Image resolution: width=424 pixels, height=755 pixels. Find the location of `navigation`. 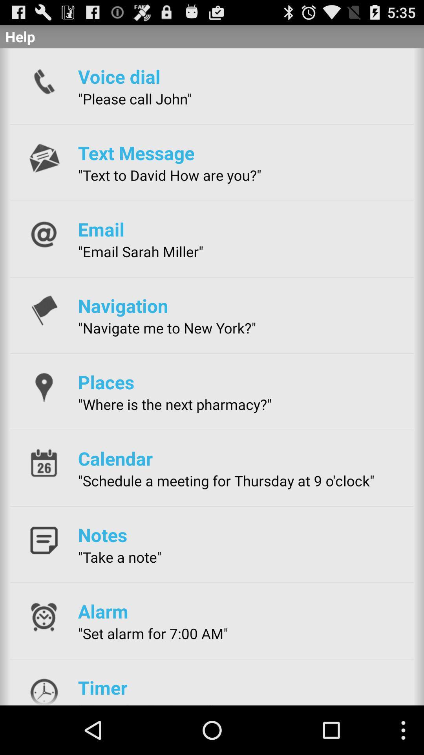

navigation is located at coordinates (123, 305).